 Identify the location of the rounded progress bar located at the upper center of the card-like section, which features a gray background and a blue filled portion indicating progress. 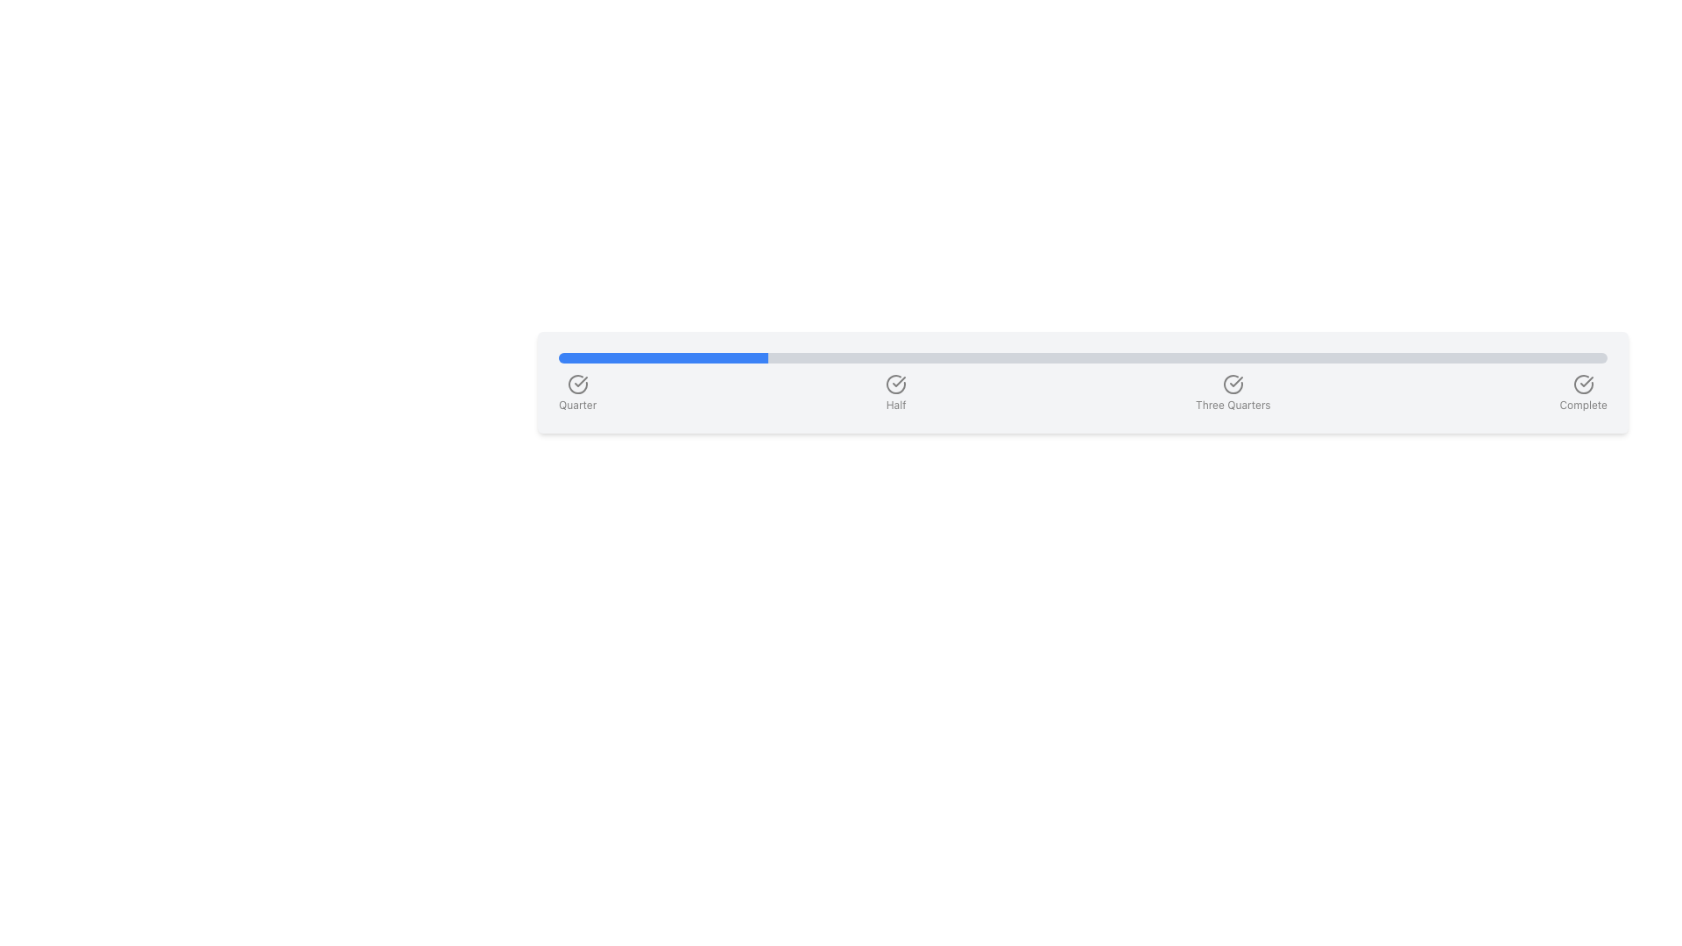
(1082, 357).